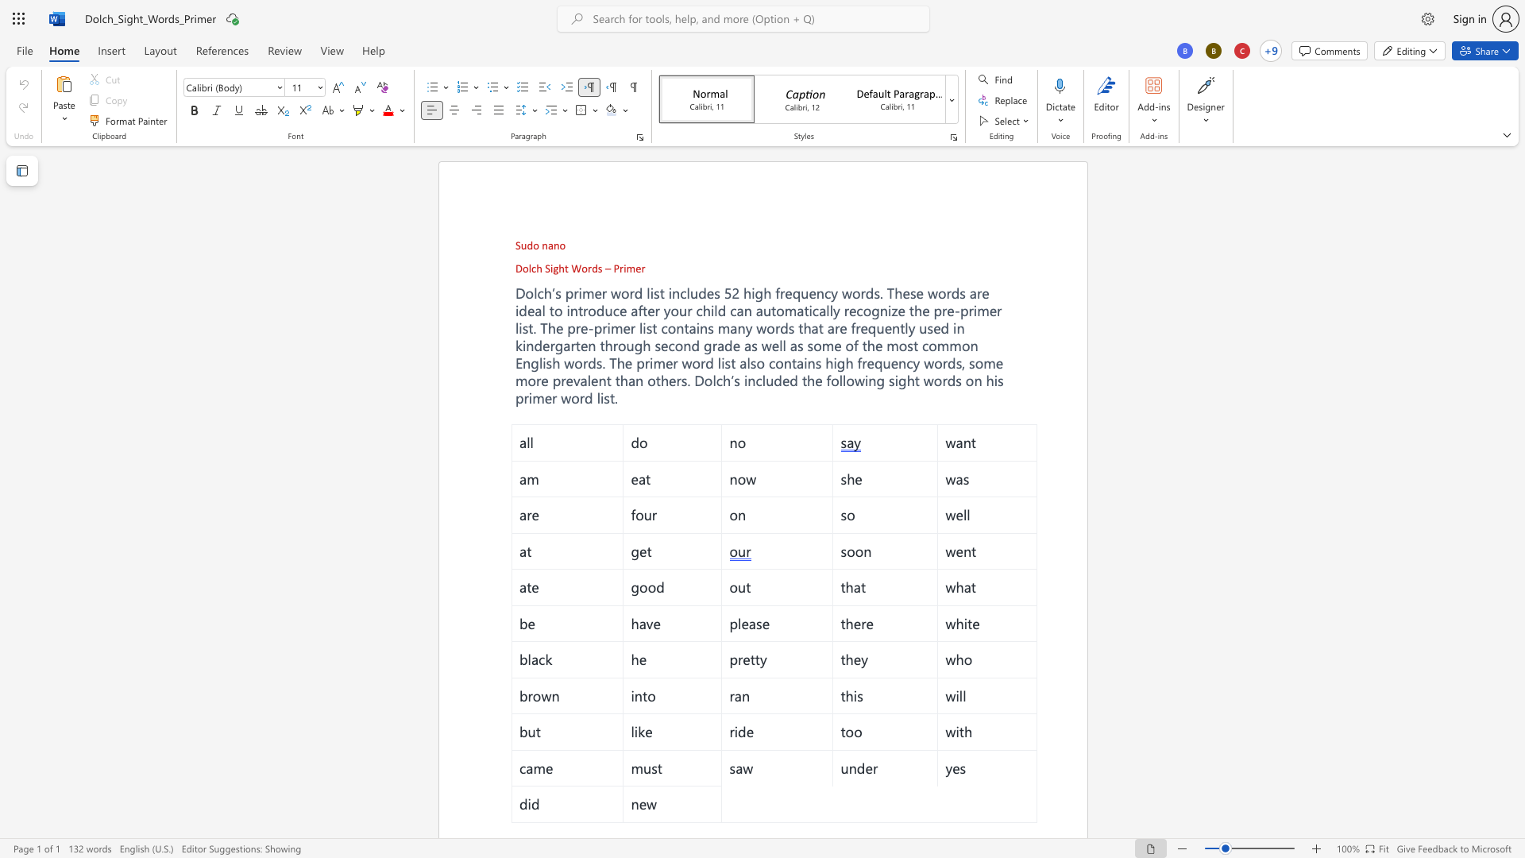  What do you see at coordinates (774, 327) in the screenshot?
I see `the space between the continuous character "o" and "r" in the text` at bounding box center [774, 327].